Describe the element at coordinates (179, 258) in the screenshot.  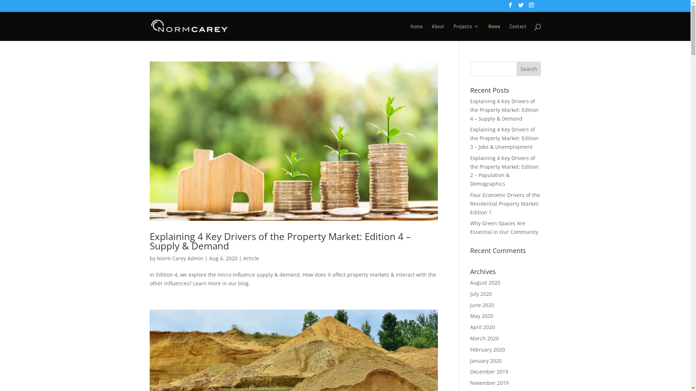
I see `'Norm Carey Admin'` at that location.